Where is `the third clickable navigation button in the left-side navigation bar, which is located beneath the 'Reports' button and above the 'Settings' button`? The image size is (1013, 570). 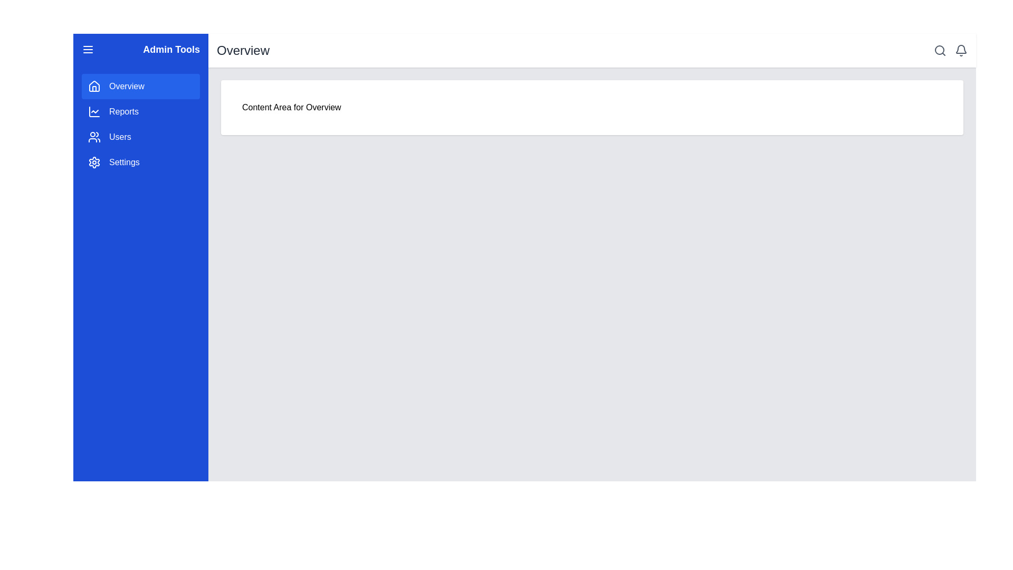
the third clickable navigation button in the left-side navigation bar, which is located beneath the 'Reports' button and above the 'Settings' button is located at coordinates (140, 136).